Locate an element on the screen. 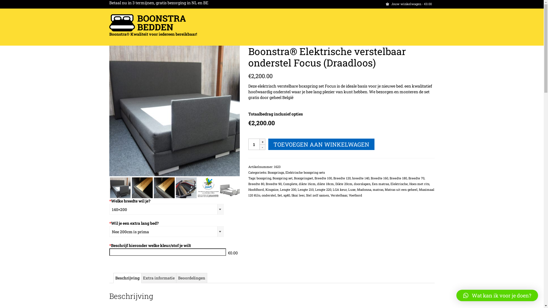  'Boxspringset' is located at coordinates (303, 178).